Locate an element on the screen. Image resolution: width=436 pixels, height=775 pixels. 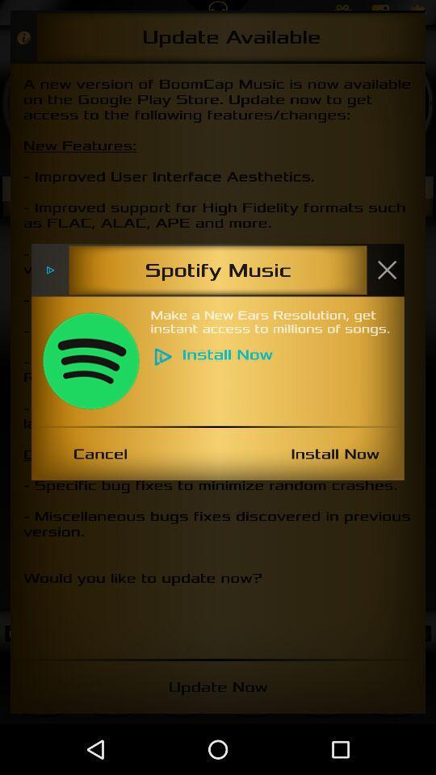
cancel is located at coordinates (100, 454).